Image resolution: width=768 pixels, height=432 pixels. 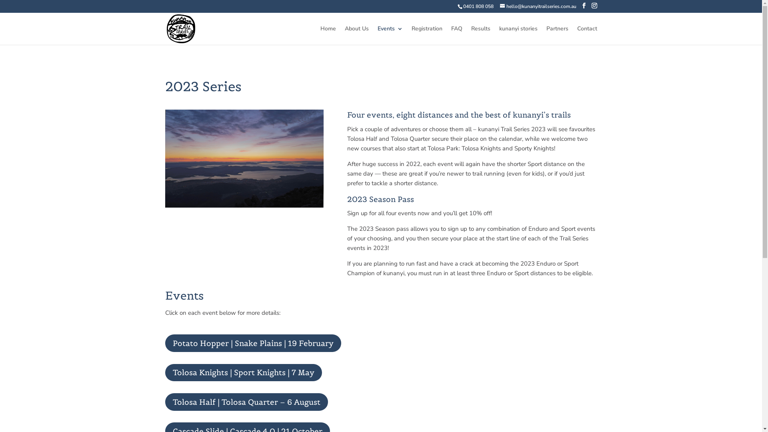 I want to click on 'kunanyi stories', so click(x=518, y=35).